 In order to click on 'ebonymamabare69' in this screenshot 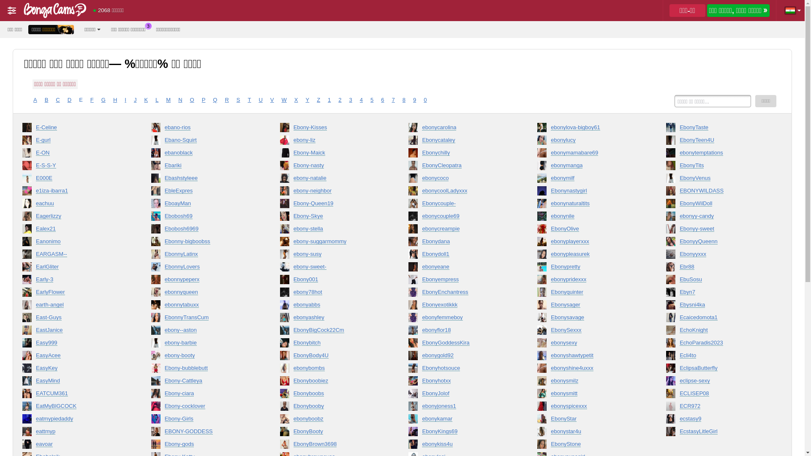, I will do `click(537, 155)`.